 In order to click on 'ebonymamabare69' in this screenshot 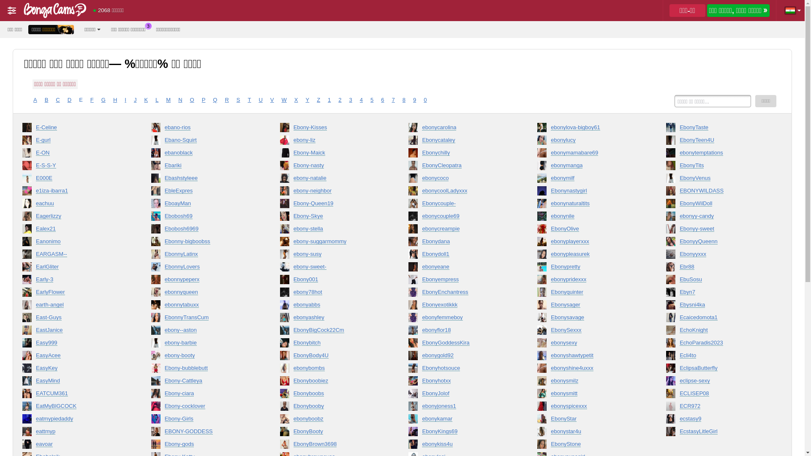, I will do `click(537, 155)`.